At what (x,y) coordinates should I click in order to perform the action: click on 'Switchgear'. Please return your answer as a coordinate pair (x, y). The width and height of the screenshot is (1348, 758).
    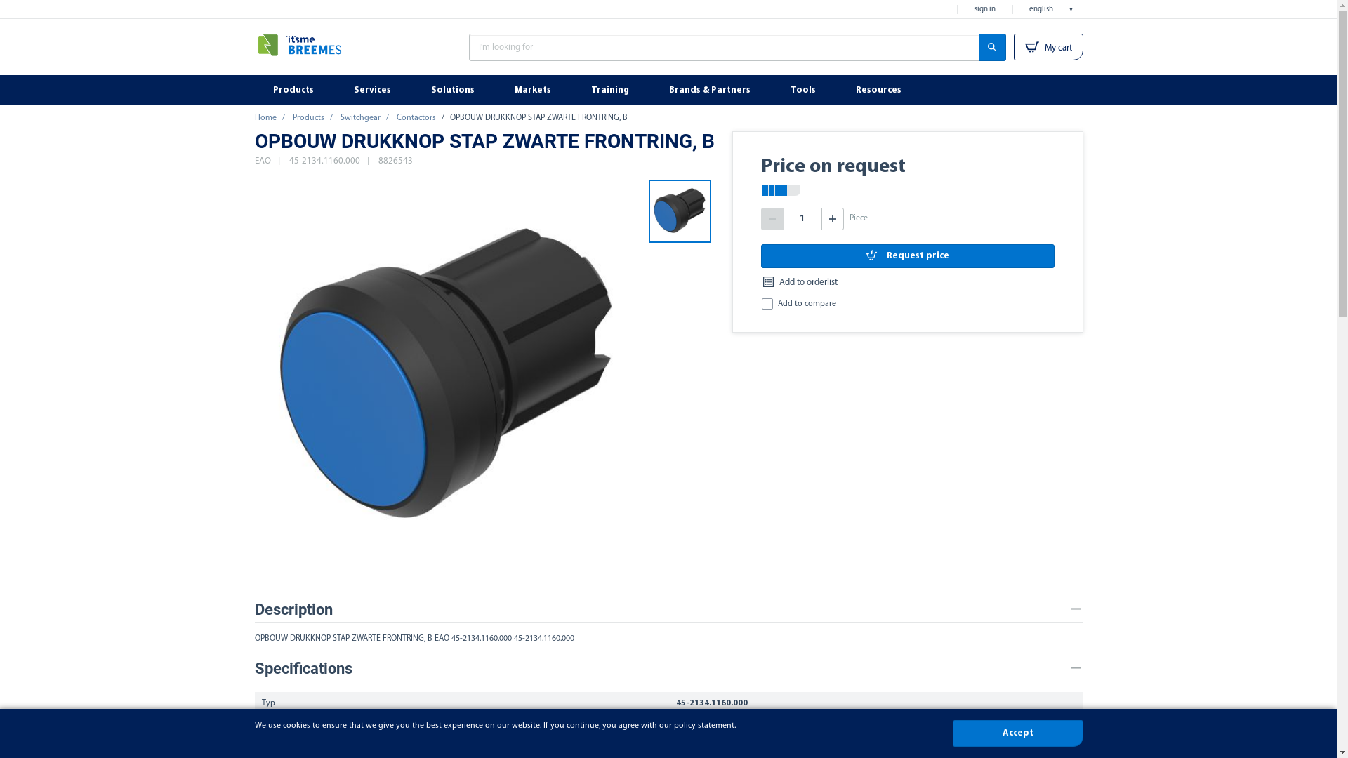
    Looking at the image, I should click on (340, 117).